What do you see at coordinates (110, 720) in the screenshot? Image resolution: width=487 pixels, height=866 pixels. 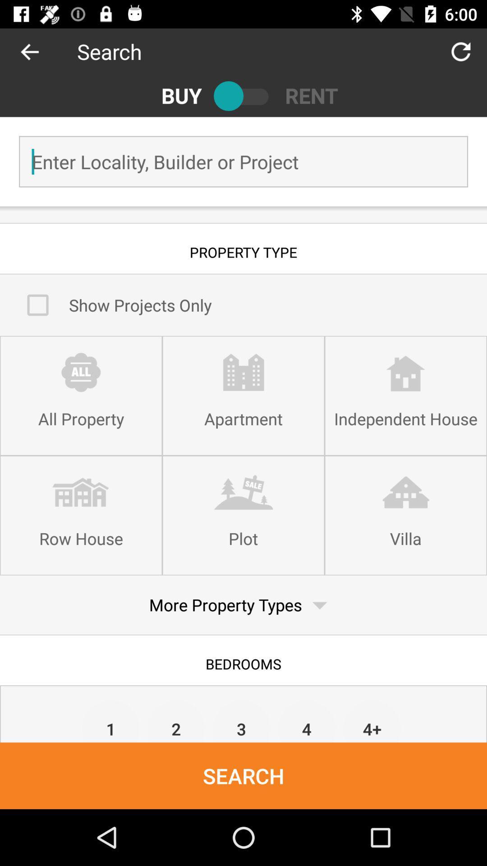 I see `item to the left of 2` at bounding box center [110, 720].